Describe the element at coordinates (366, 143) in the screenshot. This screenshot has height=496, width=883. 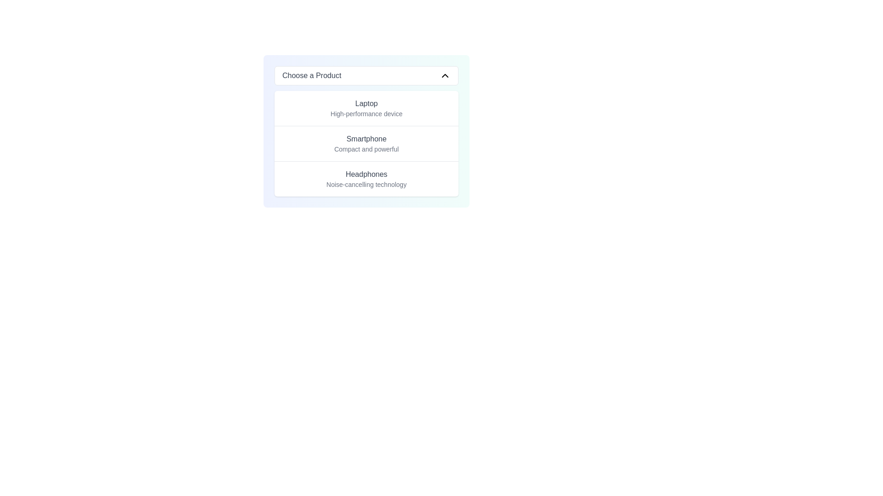
I see `the 'Smartphone' menu item in the dropdown labeled 'Choose a Product'` at that location.